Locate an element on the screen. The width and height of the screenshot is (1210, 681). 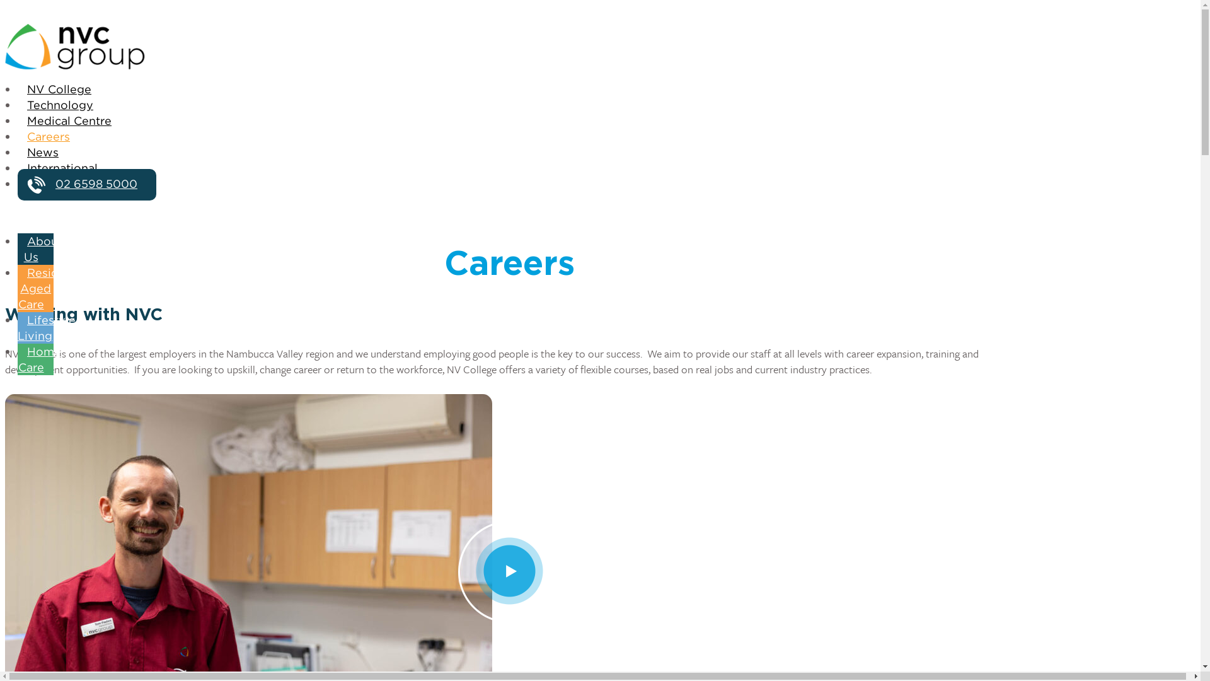
'About Us' is located at coordinates (40, 250).